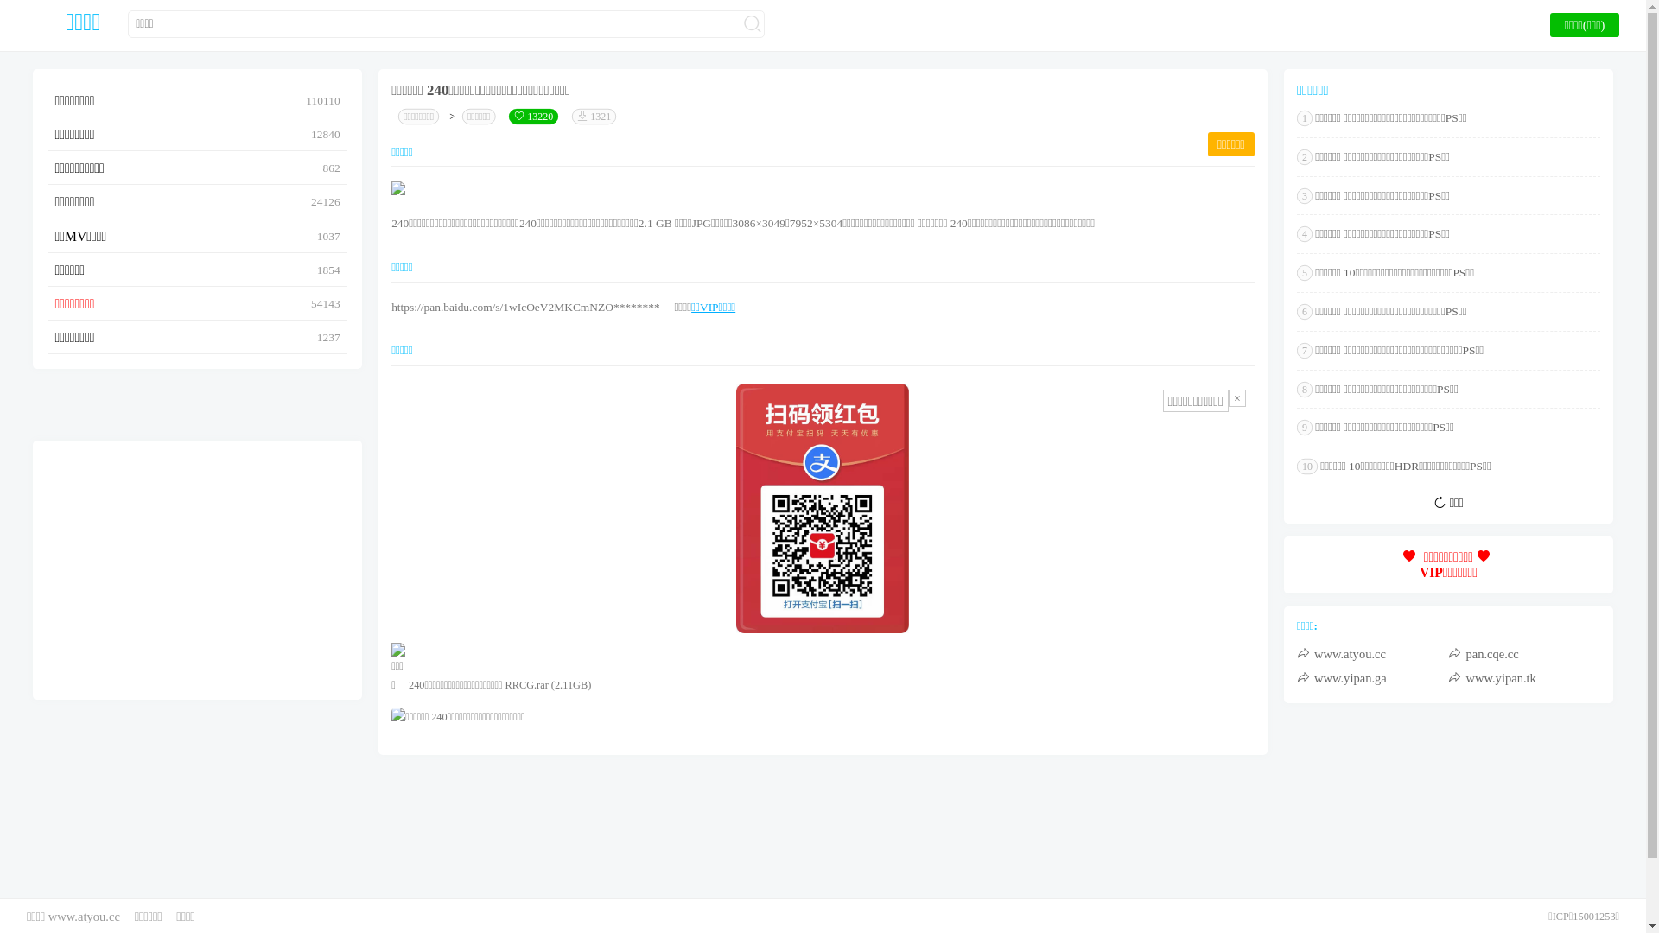  I want to click on '13220', so click(532, 117).